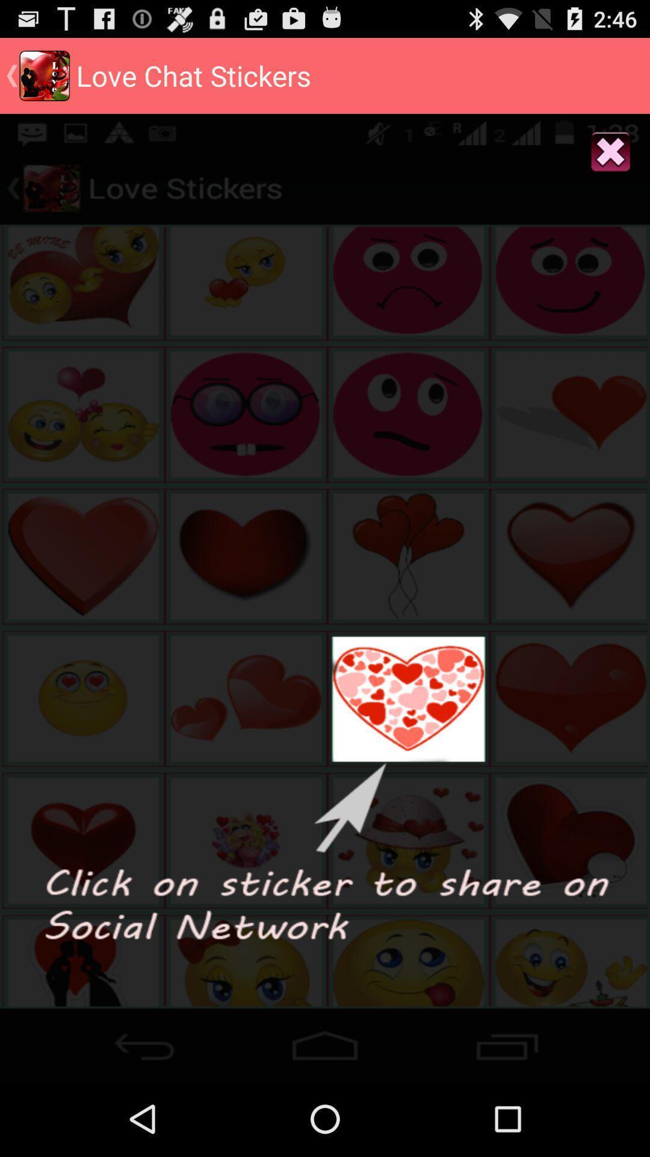 This screenshot has height=1157, width=650. I want to click on option, so click(611, 152).